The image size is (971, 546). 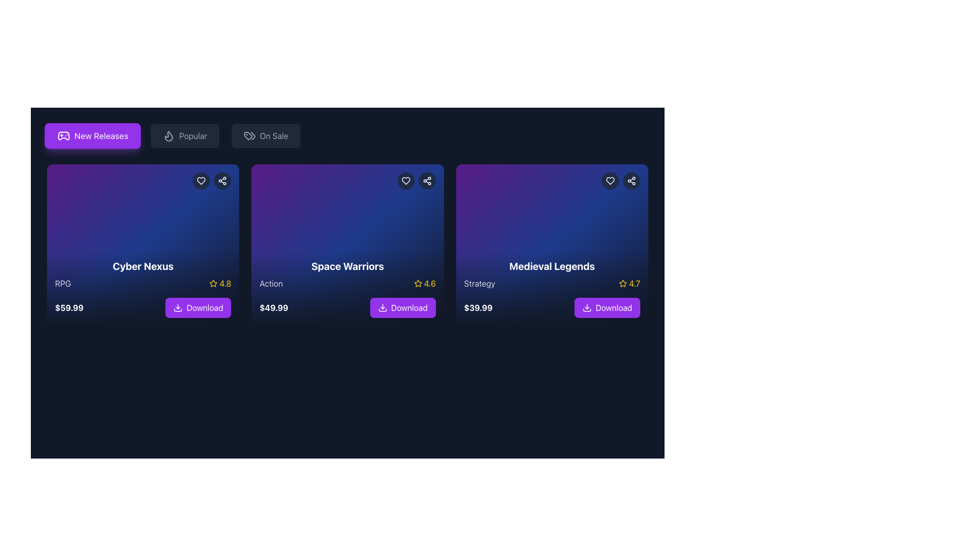 What do you see at coordinates (427, 180) in the screenshot?
I see `the share button located in the top-right corner of the 'Space Warriors' card, positioned directly to the right of the heart-shaped favorite icon` at bounding box center [427, 180].